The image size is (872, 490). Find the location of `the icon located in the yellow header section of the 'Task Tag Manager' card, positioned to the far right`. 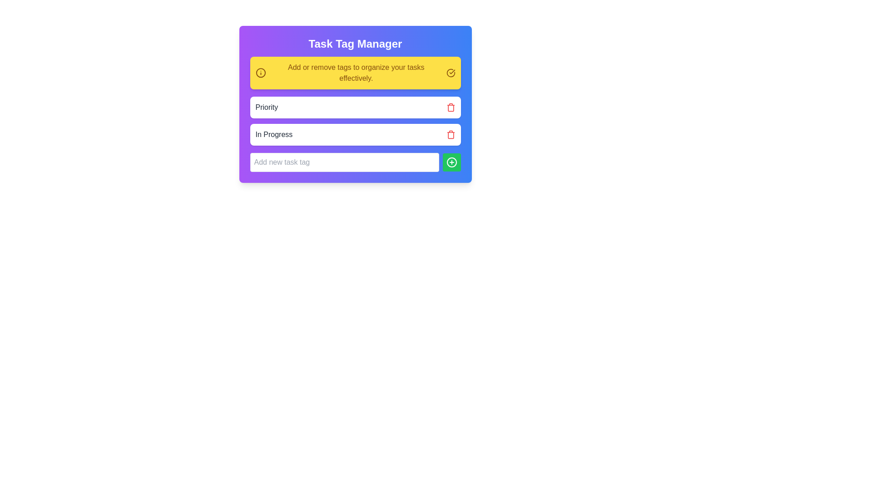

the icon located in the yellow header section of the 'Task Tag Manager' card, positioned to the far right is located at coordinates (451, 72).